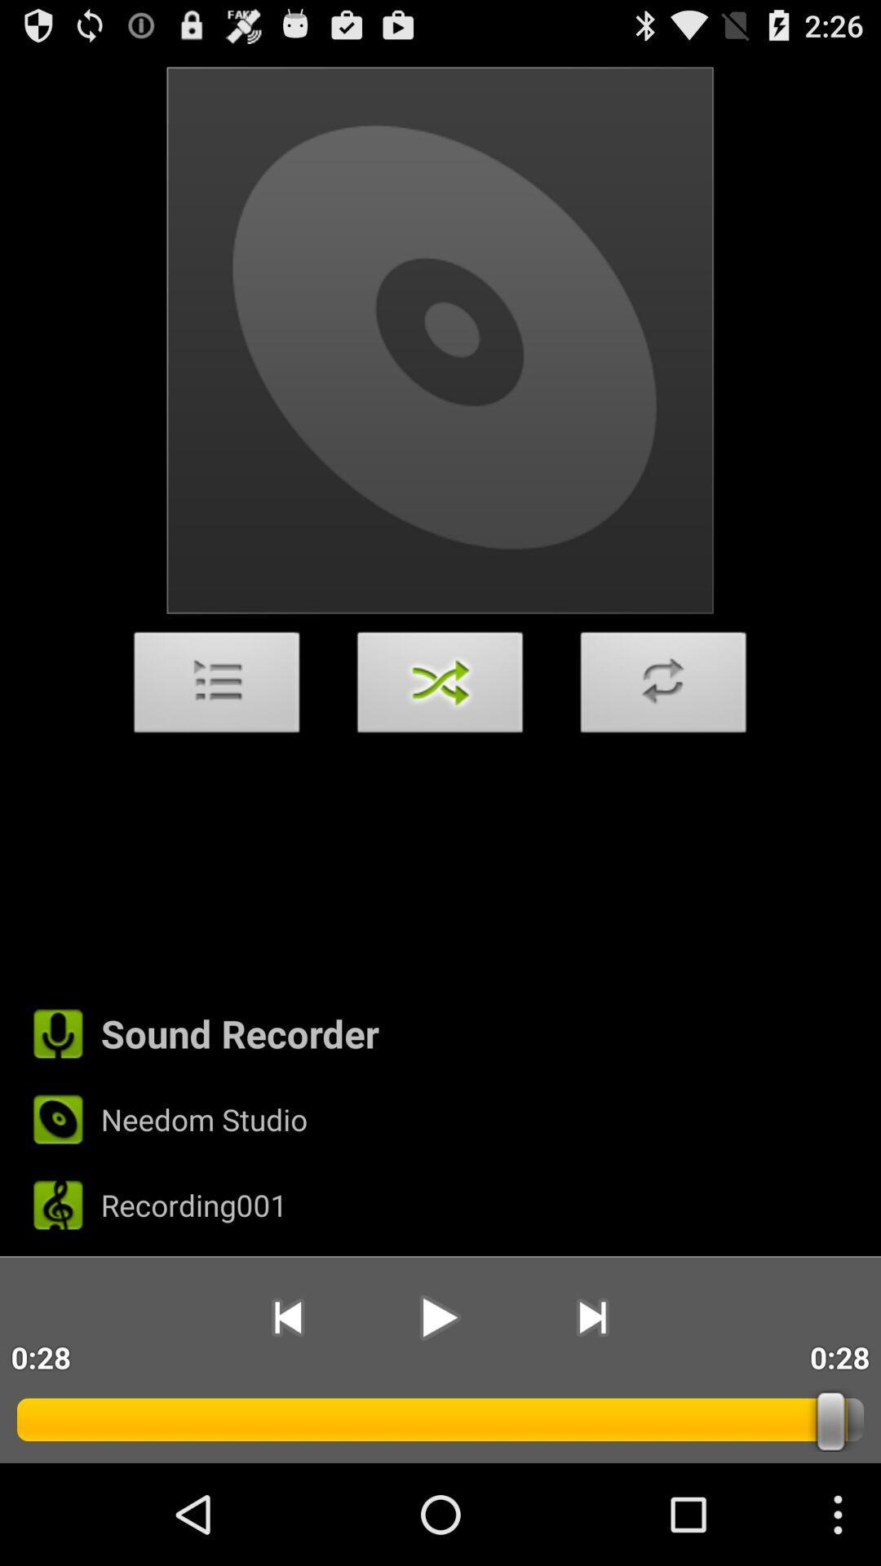  I want to click on the skip_next icon, so click(592, 1409).